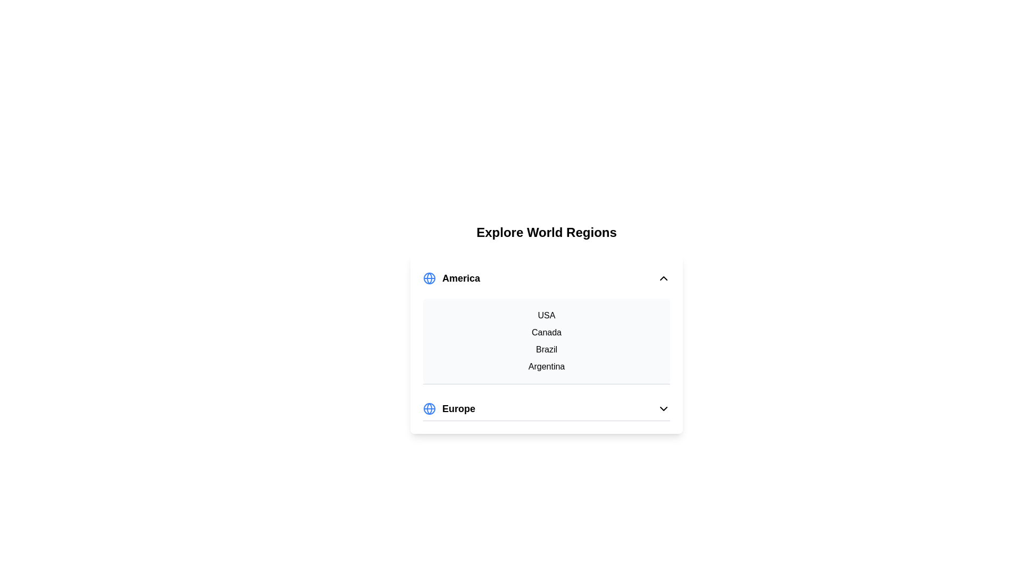  Describe the element at coordinates (547, 366) in the screenshot. I see `the country Argentina from the list under the expanded region` at that location.